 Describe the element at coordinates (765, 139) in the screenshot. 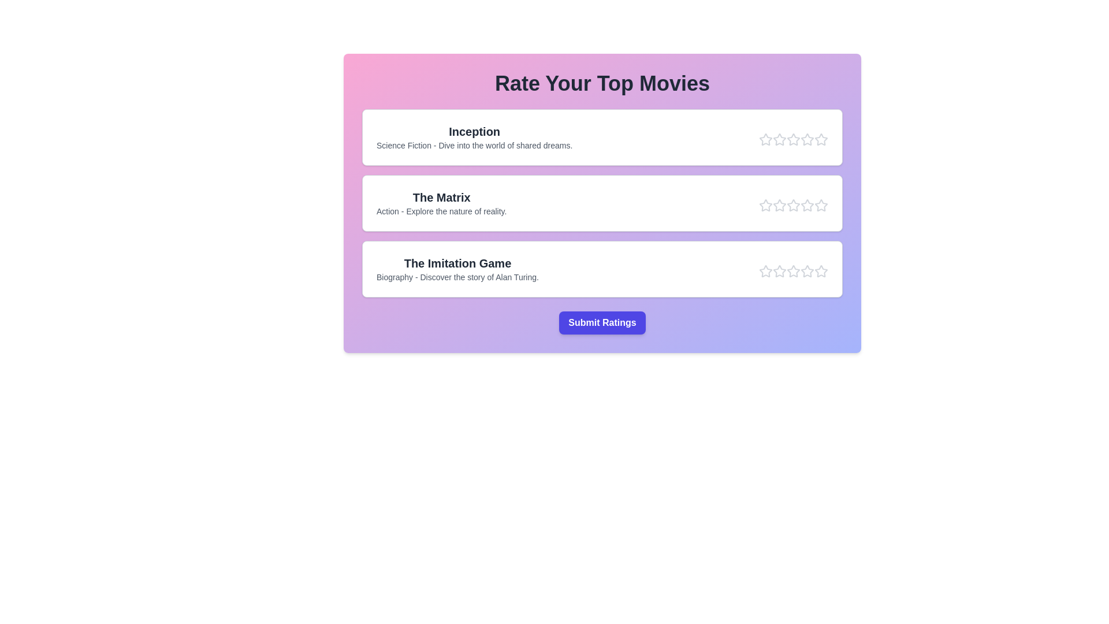

I see `the star corresponding to the rating 1 for the movie Inception` at that location.